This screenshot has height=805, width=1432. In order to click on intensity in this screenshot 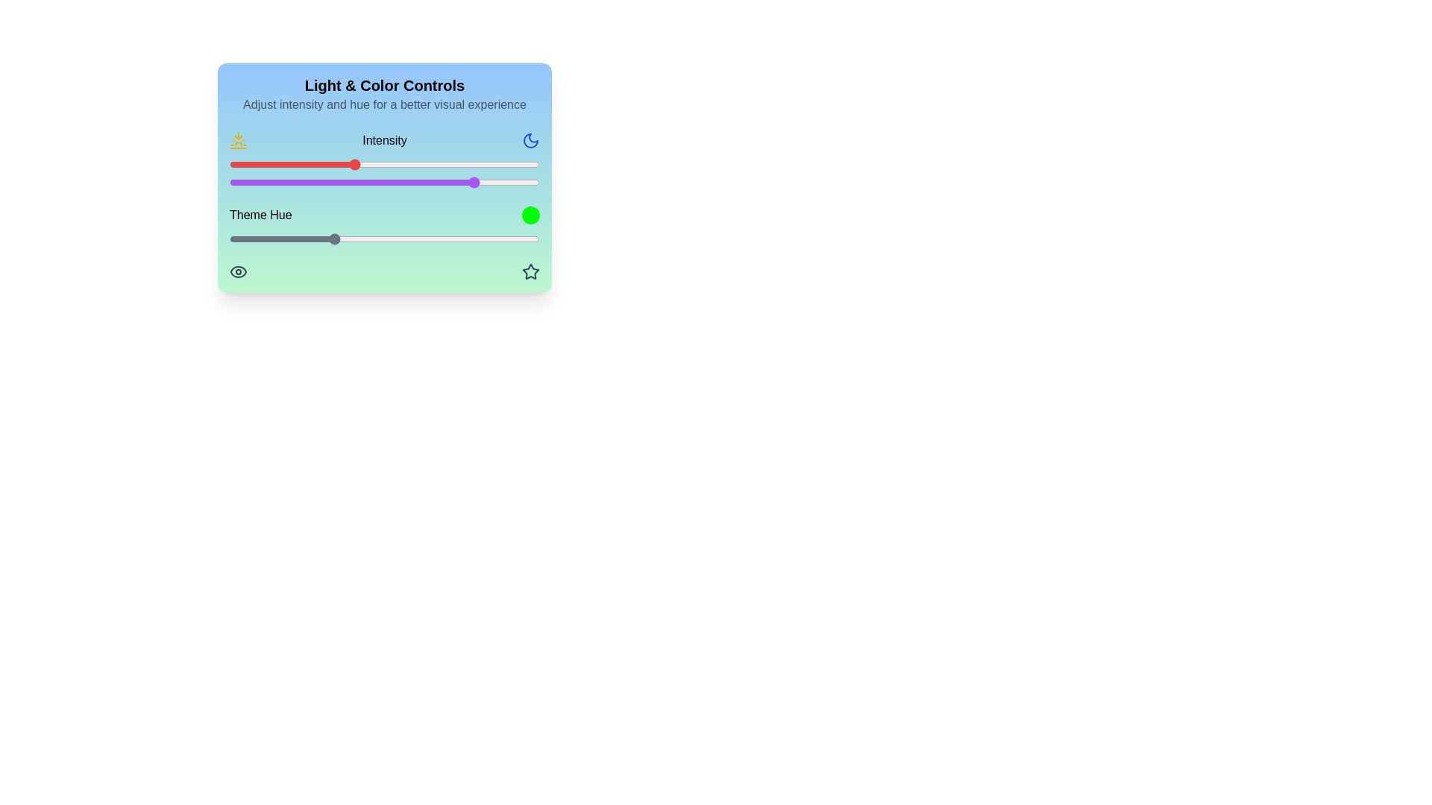, I will do `click(427, 164)`.